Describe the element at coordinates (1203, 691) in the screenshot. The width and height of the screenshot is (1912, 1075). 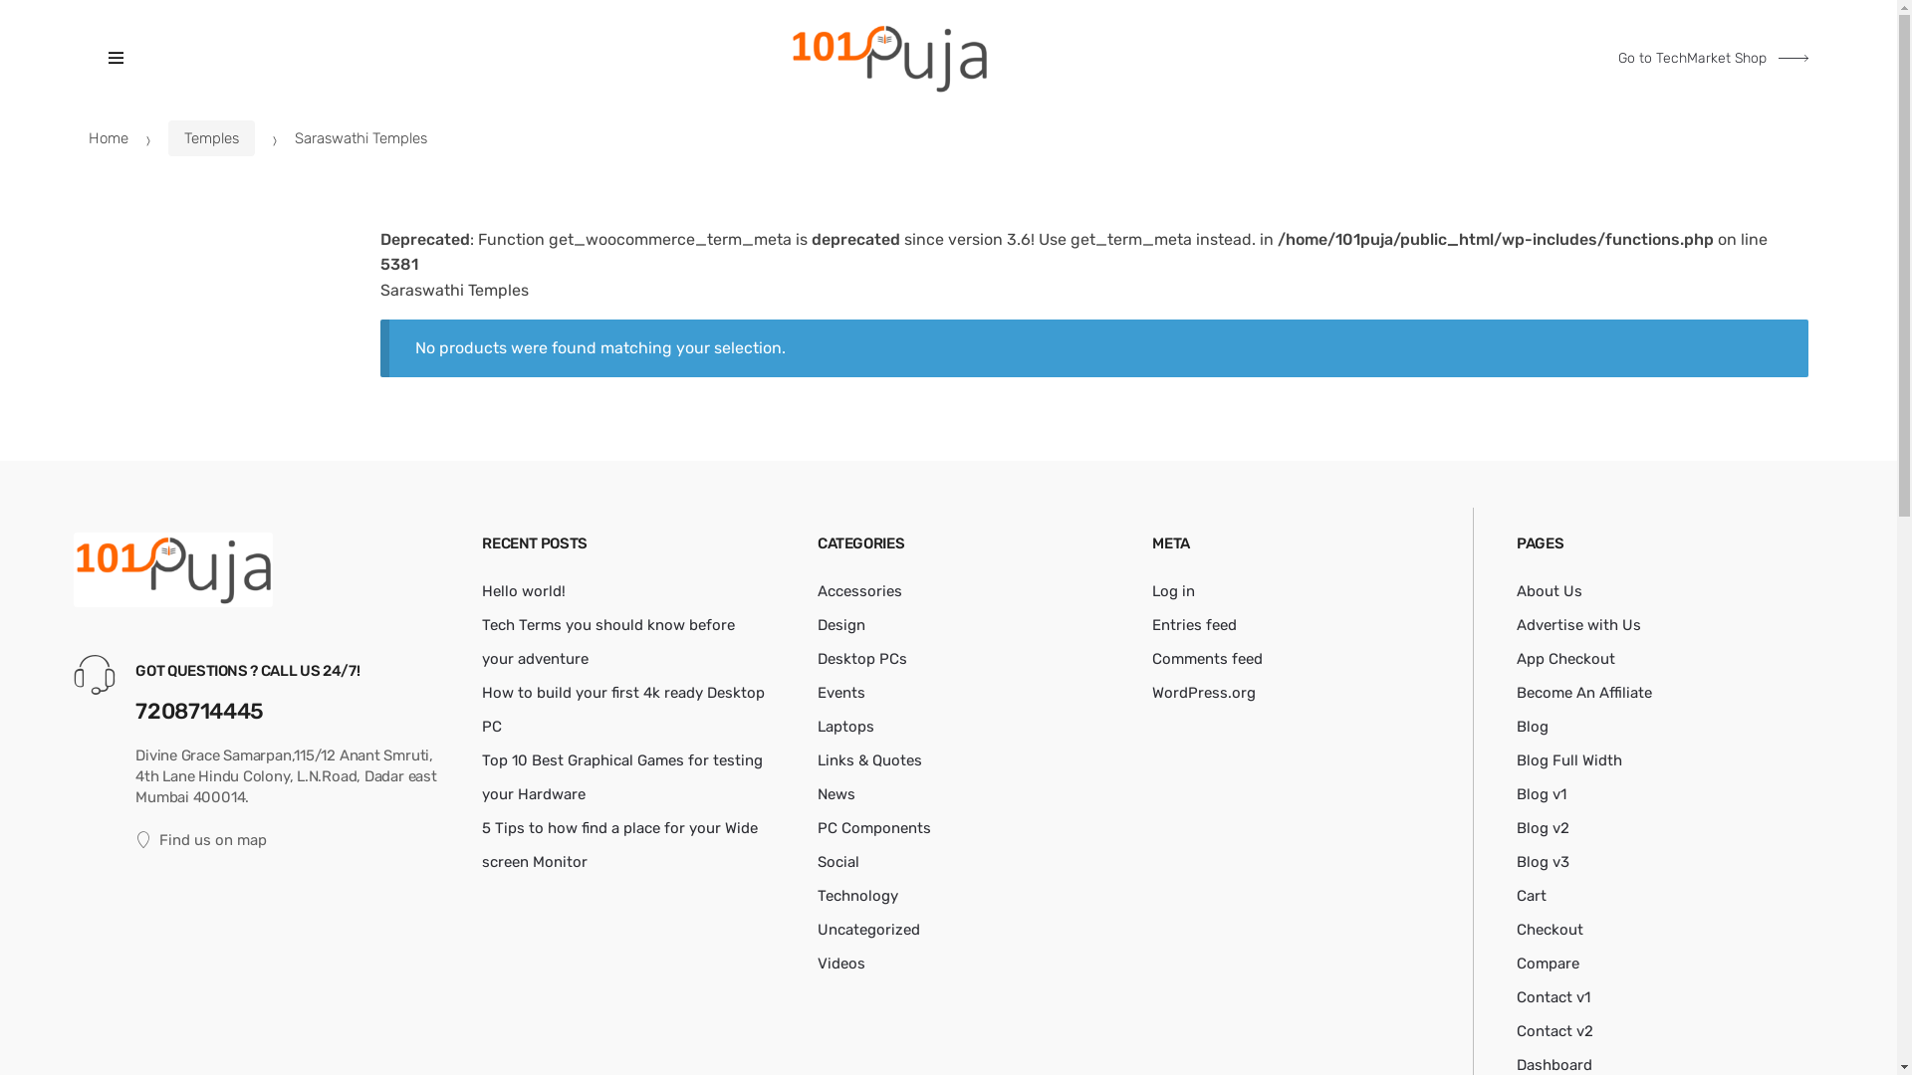
I see `'WordPress.org'` at that location.